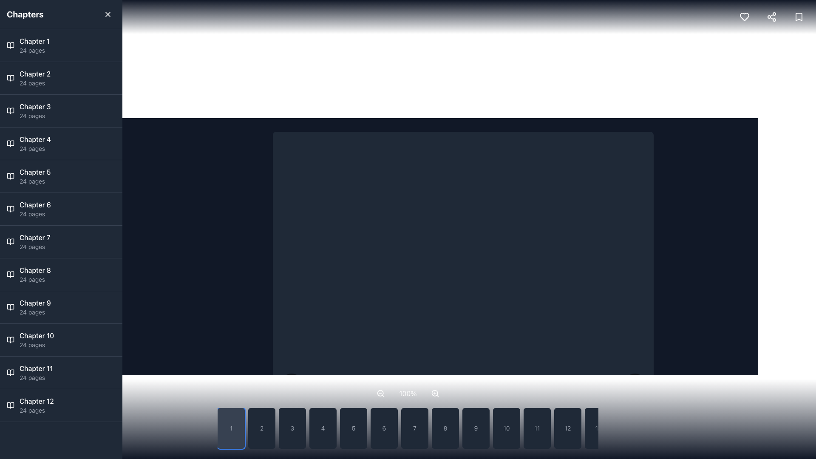 The height and width of the screenshot is (459, 816). What do you see at coordinates (34, 73) in the screenshot?
I see `the text label for Chapter 2 in the left sidebar` at bounding box center [34, 73].